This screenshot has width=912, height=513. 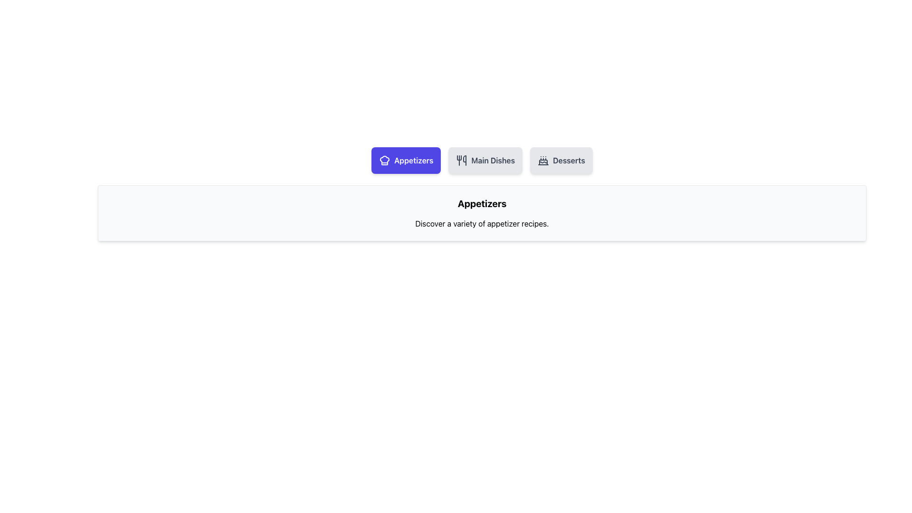 I want to click on the 'Desserts' icon located within the 'Desserts' button in the horizontal navigation bar, so click(x=543, y=160).